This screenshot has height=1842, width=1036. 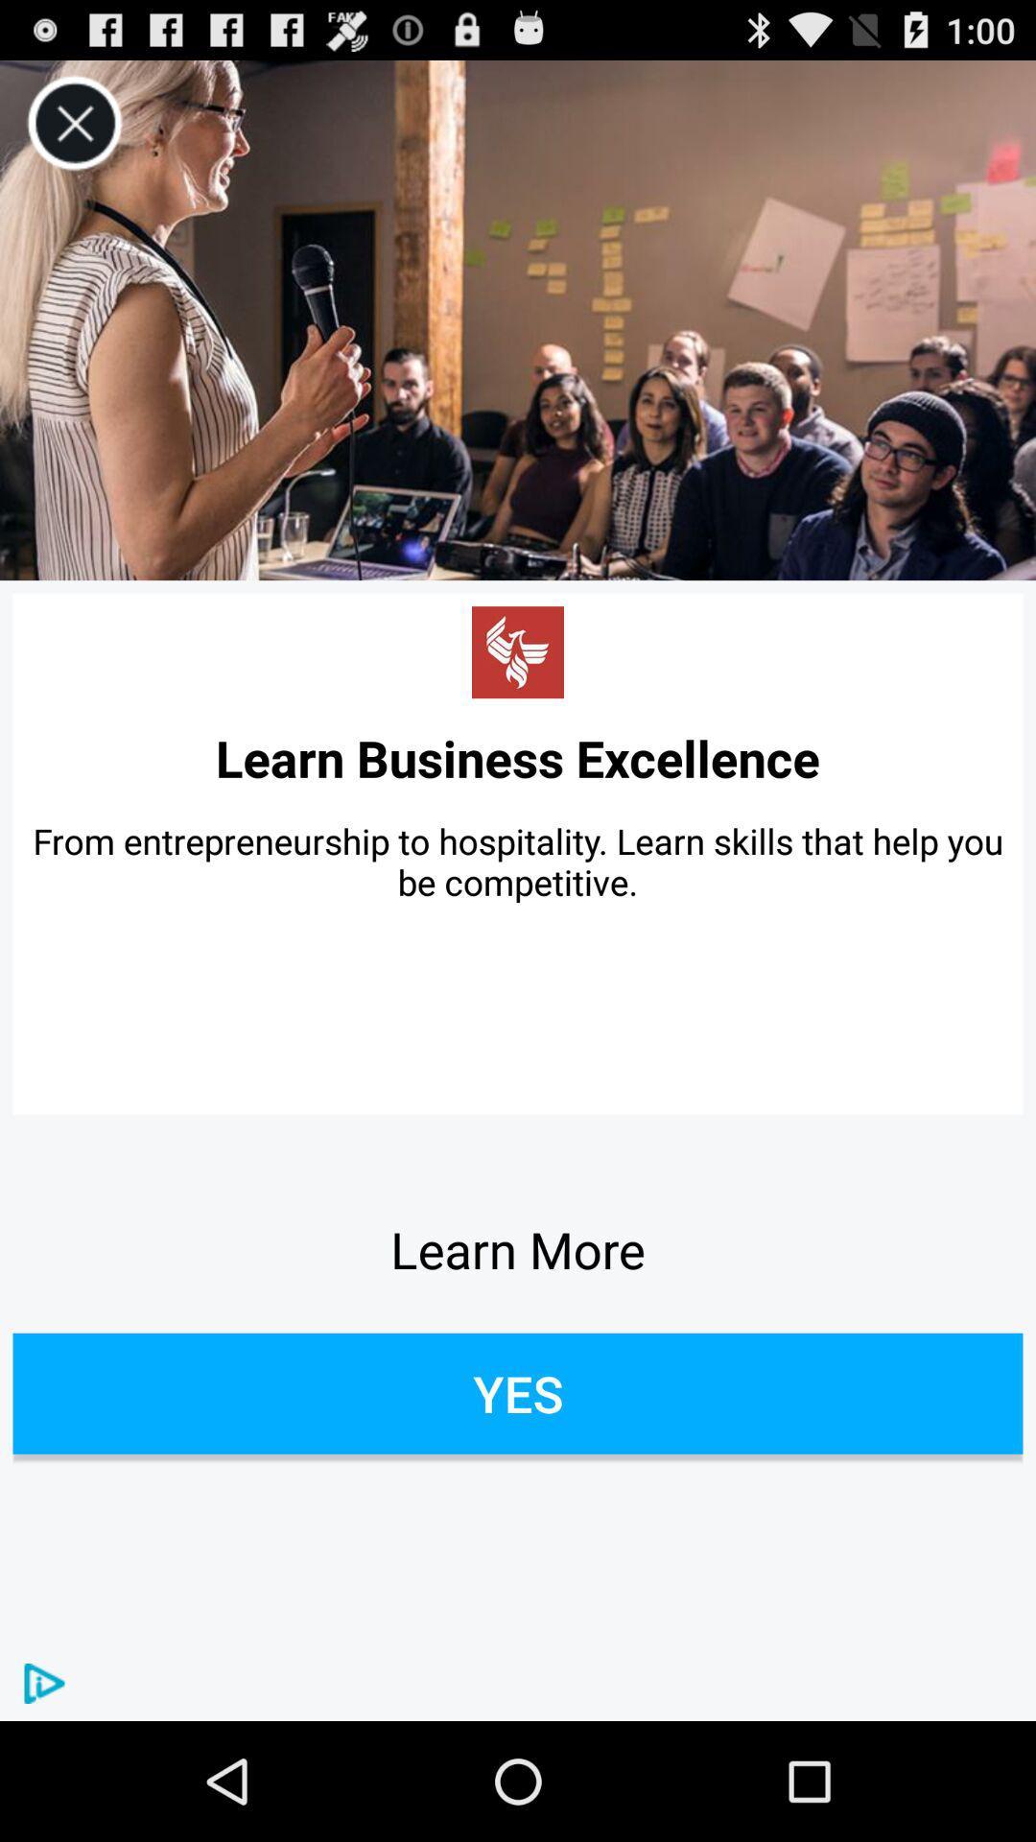 I want to click on the from entrepreneurship to app, so click(x=518, y=861).